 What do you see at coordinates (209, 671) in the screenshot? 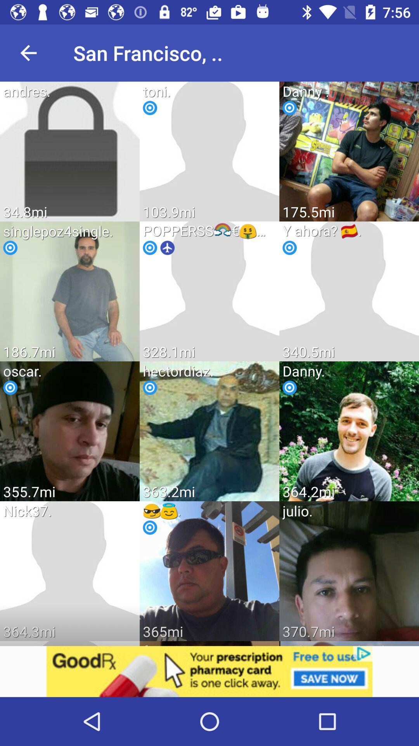
I see `link on advertisement` at bounding box center [209, 671].